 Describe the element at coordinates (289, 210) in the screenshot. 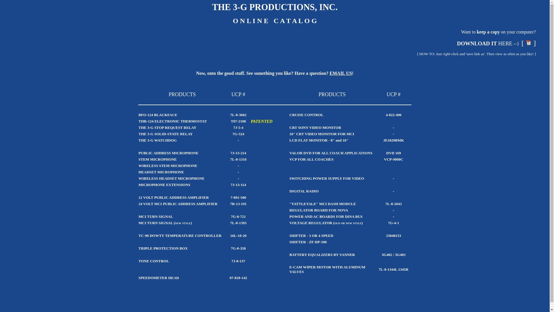

I see `'REGULATOR BOARD FOR NOVA'` at that location.